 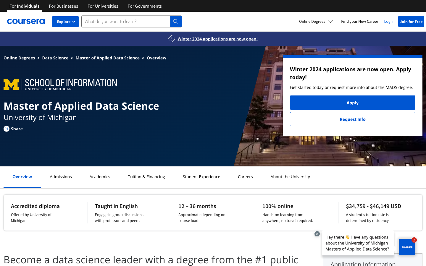 What do you see at coordinates (411, 21) in the screenshot?
I see `Register on Coursera at no cost` at bounding box center [411, 21].